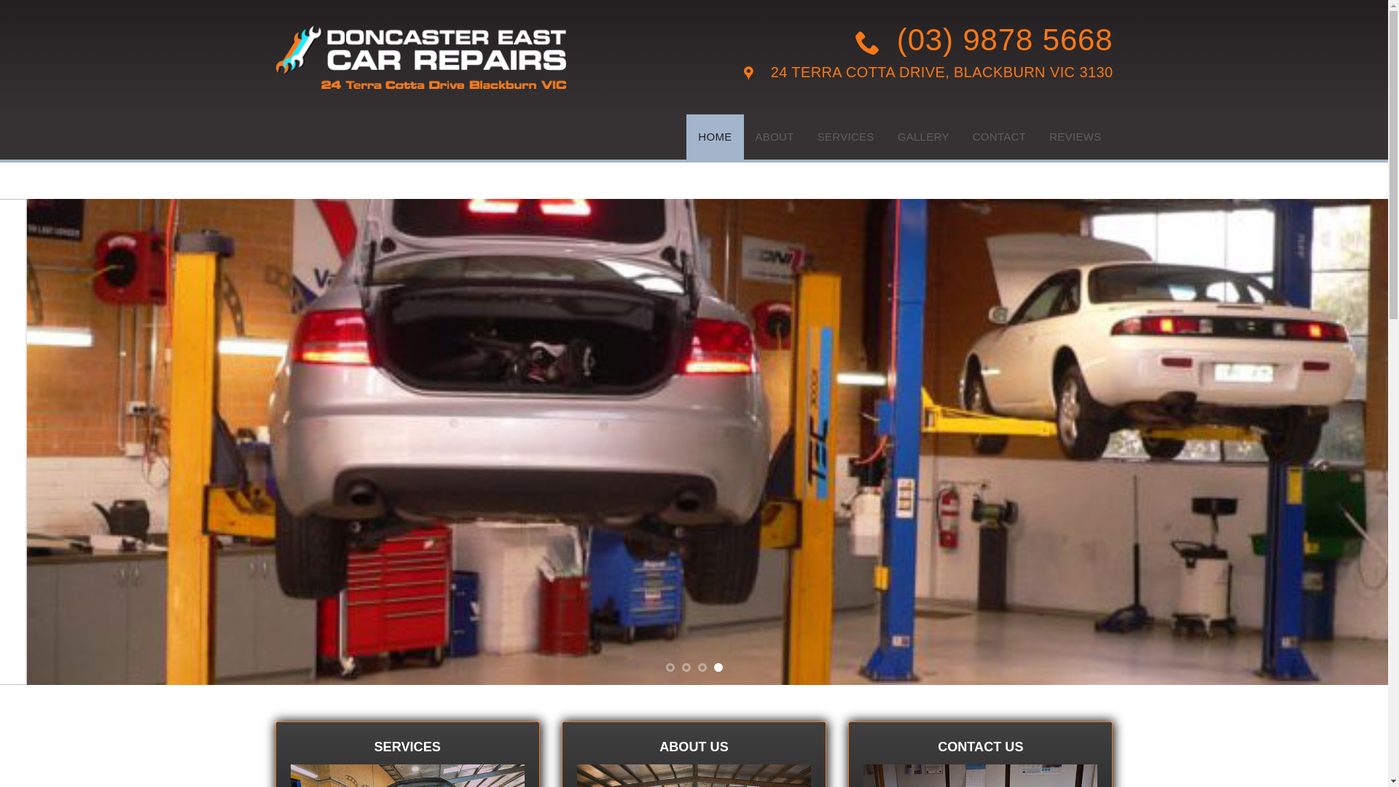 The image size is (1399, 787). What do you see at coordinates (922, 137) in the screenshot?
I see `'GALLERY'` at bounding box center [922, 137].